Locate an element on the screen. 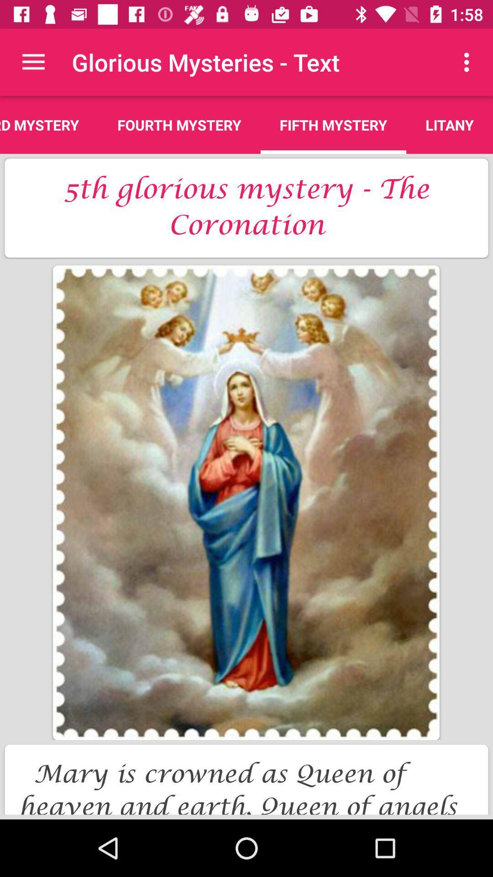  icon above 5th glorious mystery item is located at coordinates (49, 124).